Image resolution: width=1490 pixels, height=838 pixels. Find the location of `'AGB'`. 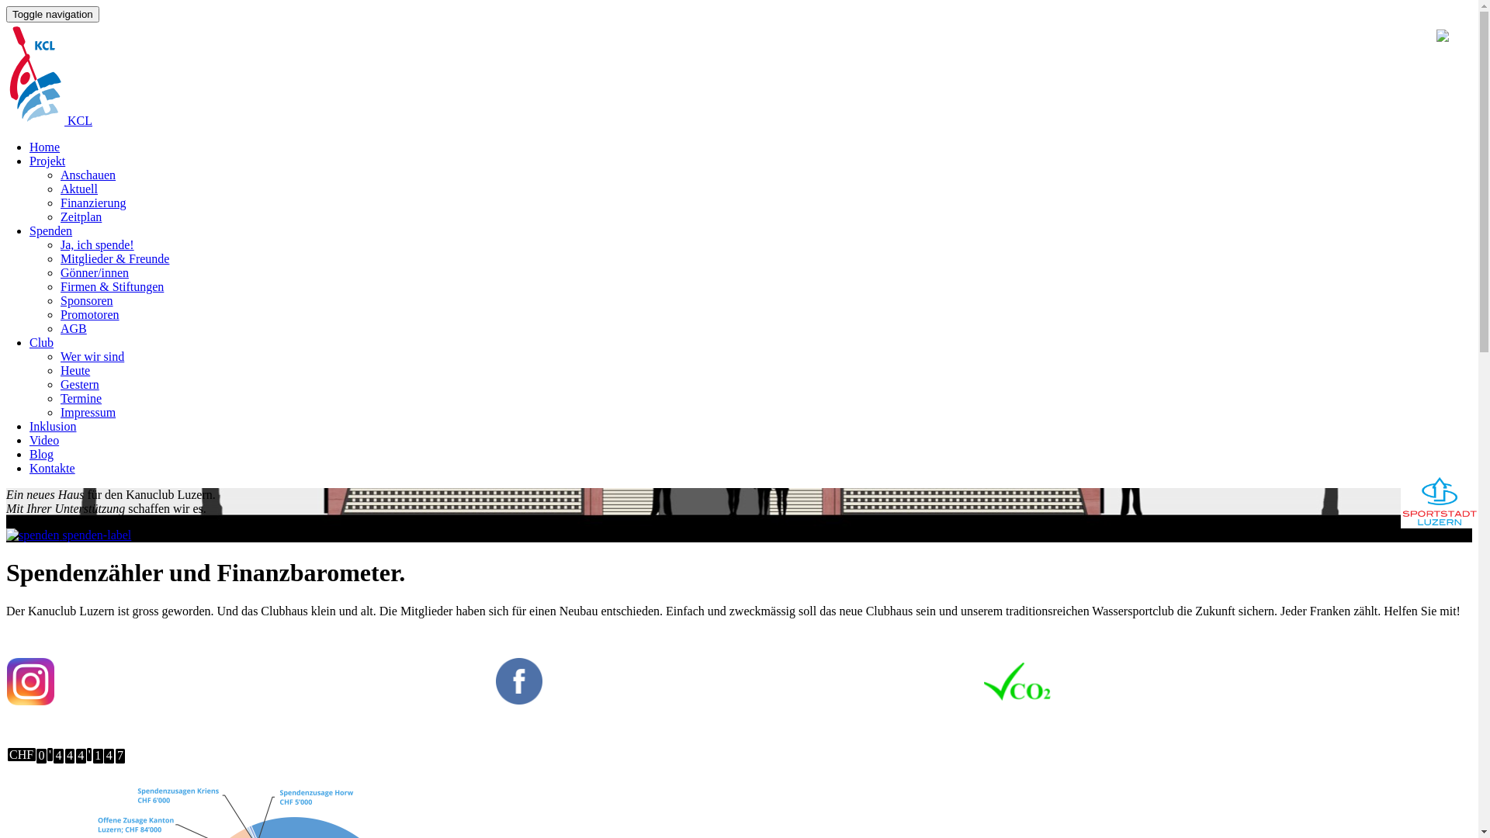

'AGB' is located at coordinates (73, 327).